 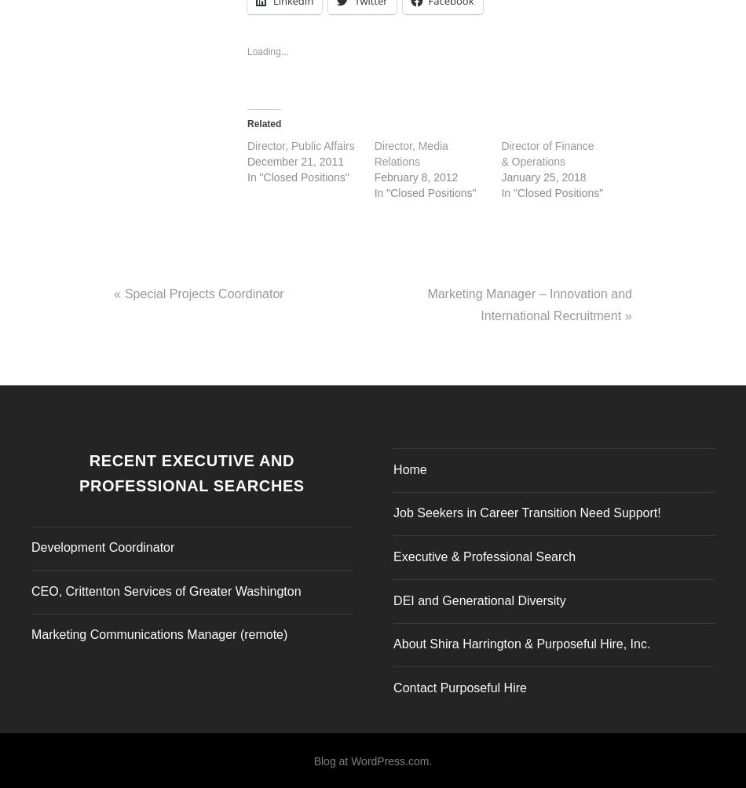 What do you see at coordinates (410, 465) in the screenshot?
I see `'Home'` at bounding box center [410, 465].